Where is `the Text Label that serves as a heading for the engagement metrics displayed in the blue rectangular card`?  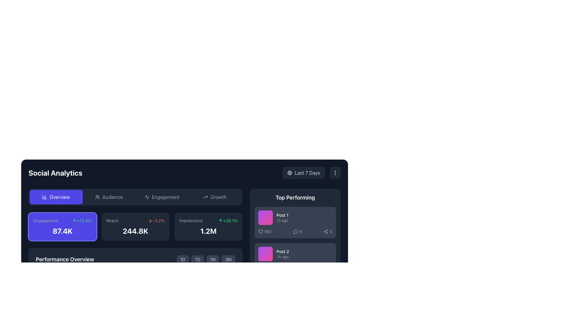
the Text Label that serves as a heading for the engagement metrics displayed in the blue rectangular card is located at coordinates (45, 221).